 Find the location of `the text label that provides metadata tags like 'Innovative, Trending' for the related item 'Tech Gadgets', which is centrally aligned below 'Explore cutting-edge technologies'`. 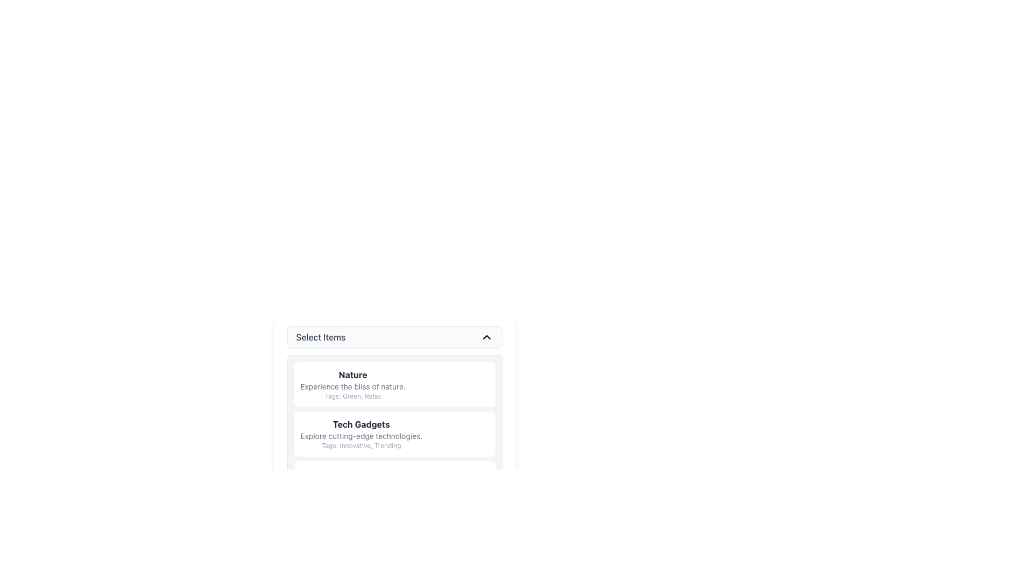

the text label that provides metadata tags like 'Innovative, Trending' for the related item 'Tech Gadgets', which is centrally aligned below 'Explore cutting-edge technologies' is located at coordinates (361, 446).